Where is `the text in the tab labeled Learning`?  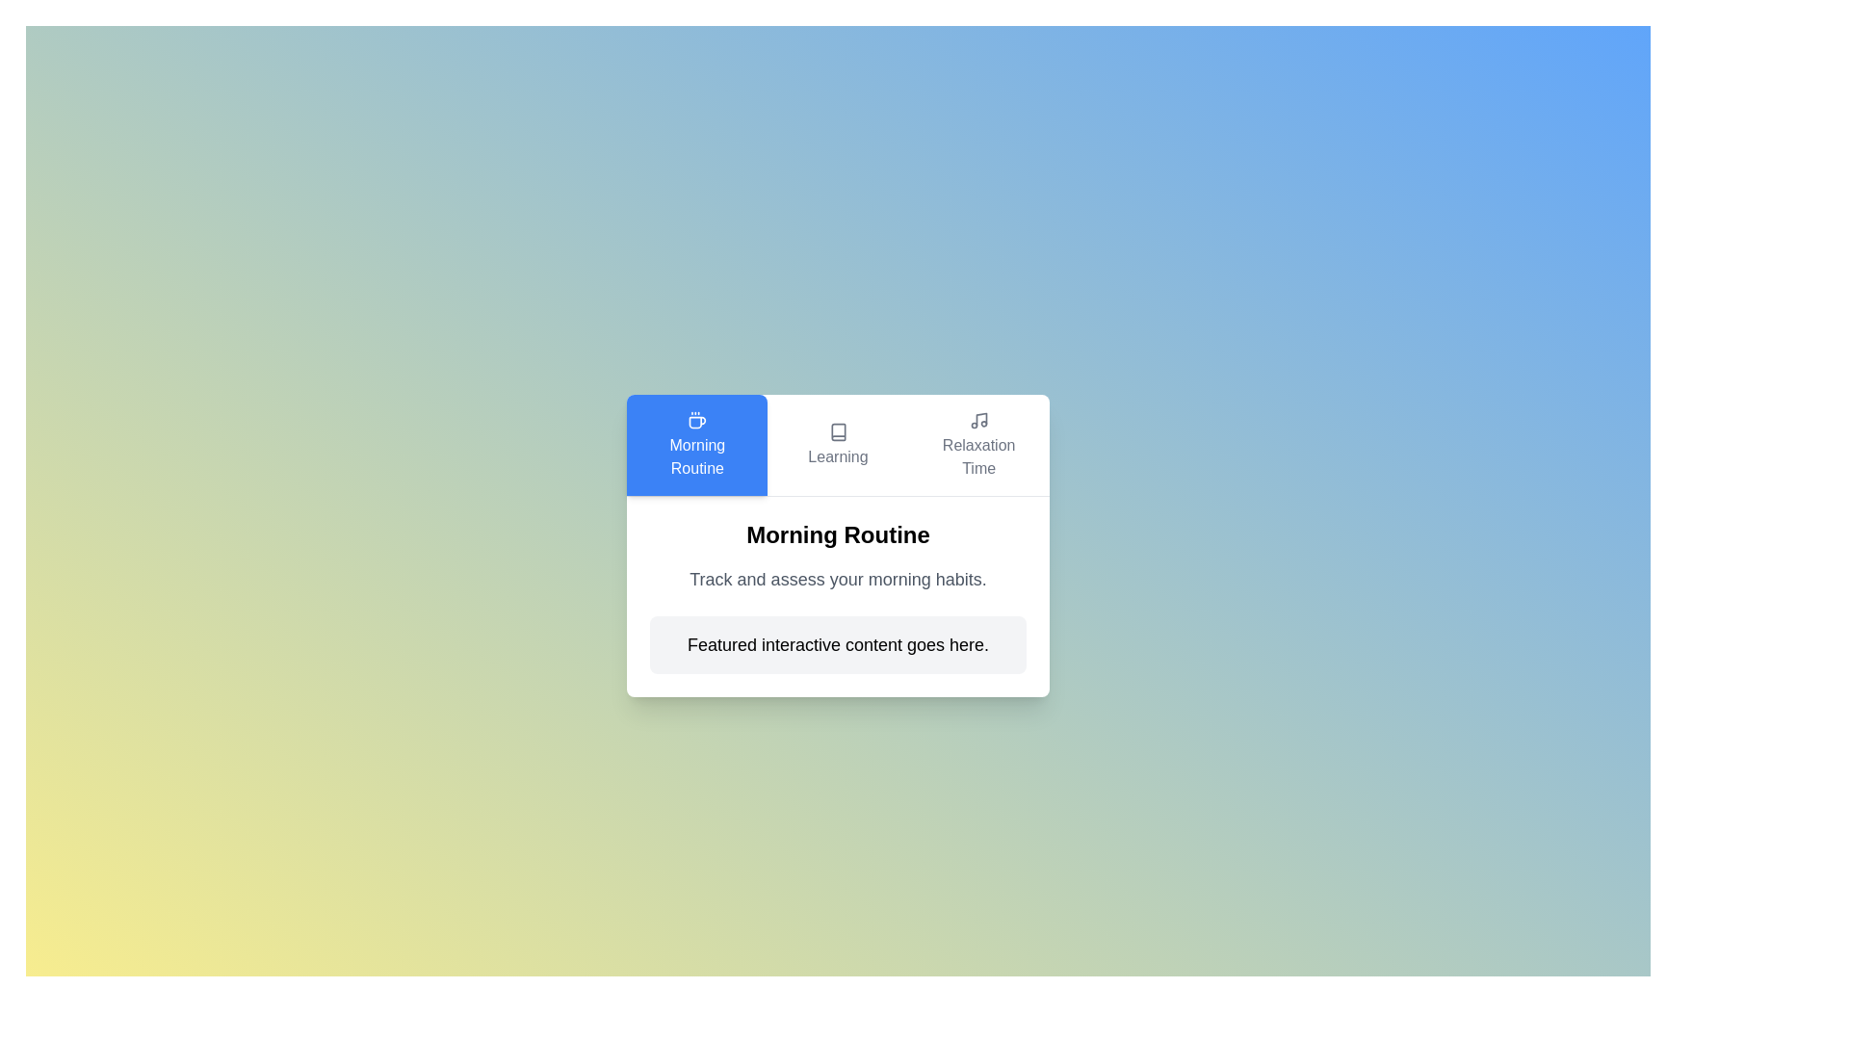 the text in the tab labeled Learning is located at coordinates (838, 445).